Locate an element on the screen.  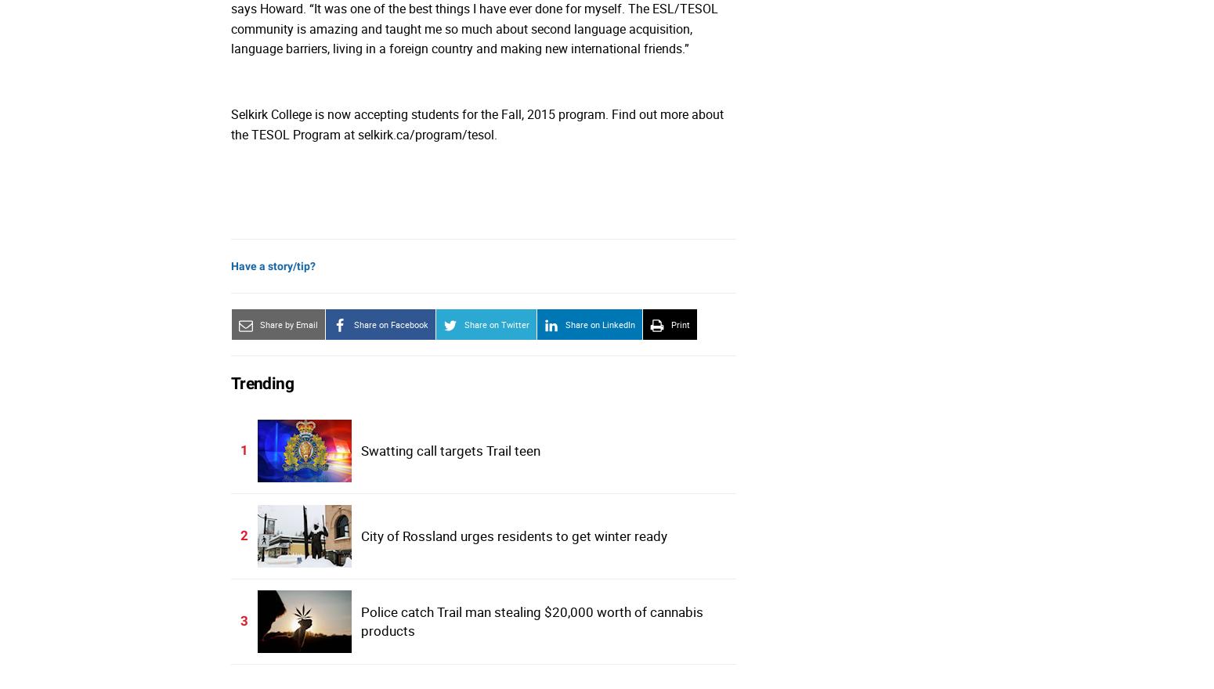
'Selkirk College is now accepting students for the Fall, 2015 program. Find out more about the TESOL Program at selkirk.ca/program/tesol.' is located at coordinates (477, 123).